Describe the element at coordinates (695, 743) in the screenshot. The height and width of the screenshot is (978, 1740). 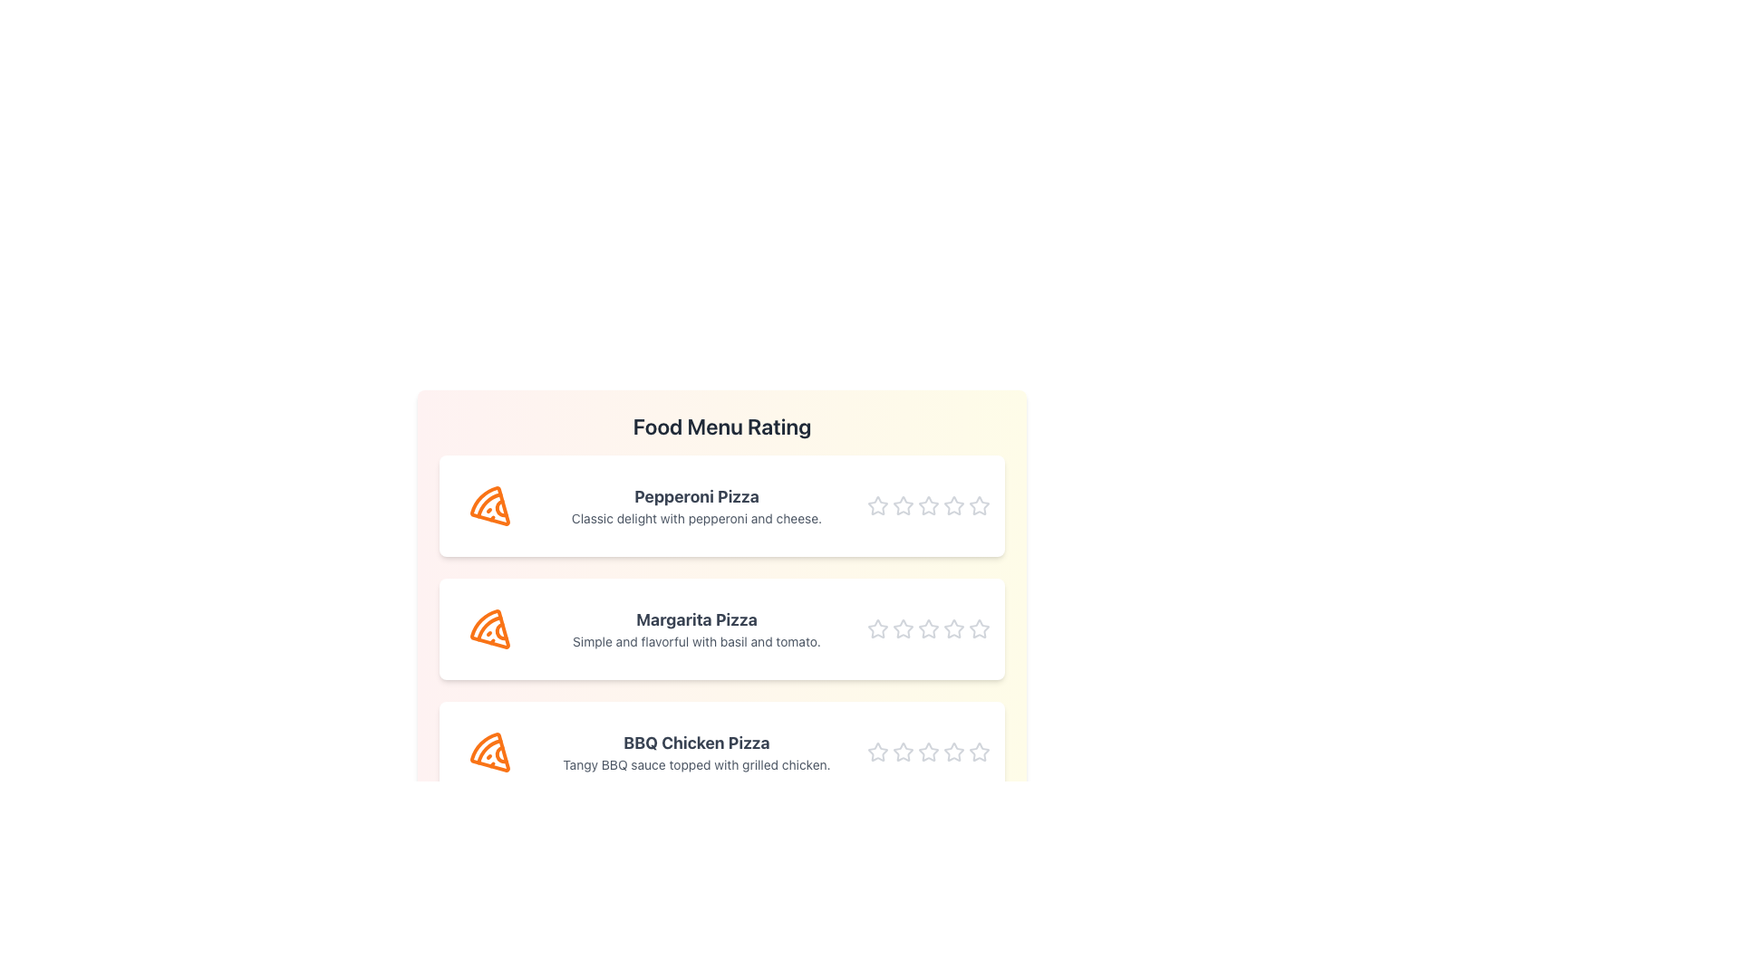
I see `the text label reading 'BBQ Chicken Pizza', which is styled in bold gray font and located at the top of the third menu card in the 'Food Menu Rating' section` at that location.